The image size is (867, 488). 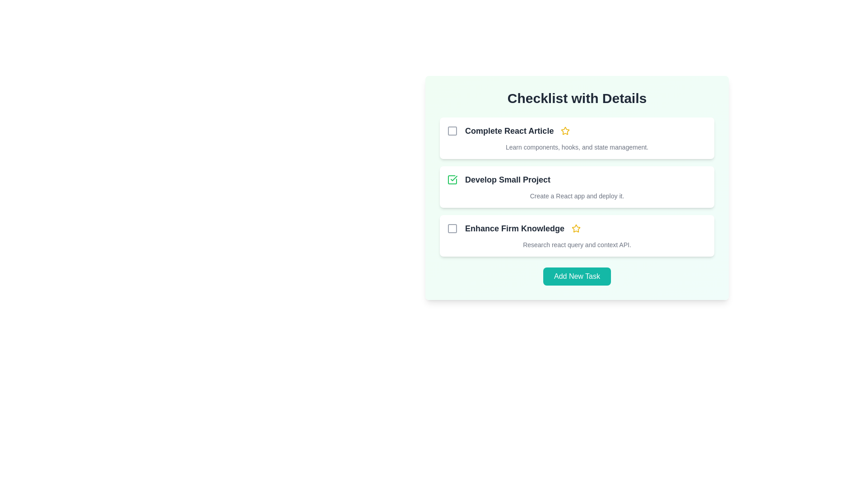 I want to click on the 'Add New Task' button, so click(x=576, y=276).